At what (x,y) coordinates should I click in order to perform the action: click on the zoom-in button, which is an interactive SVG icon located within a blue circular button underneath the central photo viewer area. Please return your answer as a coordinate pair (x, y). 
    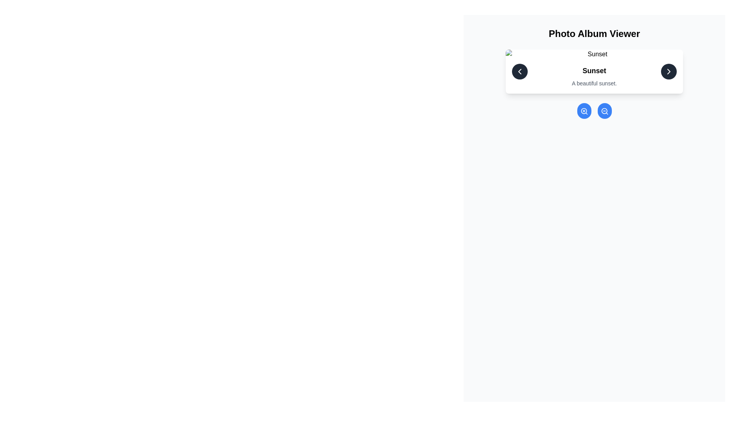
    Looking at the image, I should click on (584, 111).